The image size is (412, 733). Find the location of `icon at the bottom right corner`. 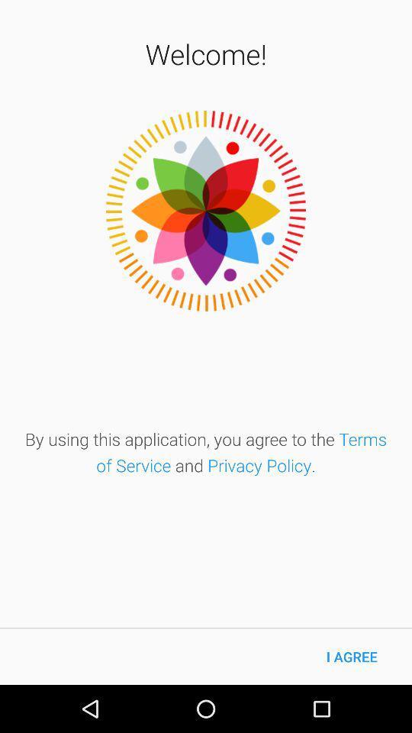

icon at the bottom right corner is located at coordinates (352, 656).